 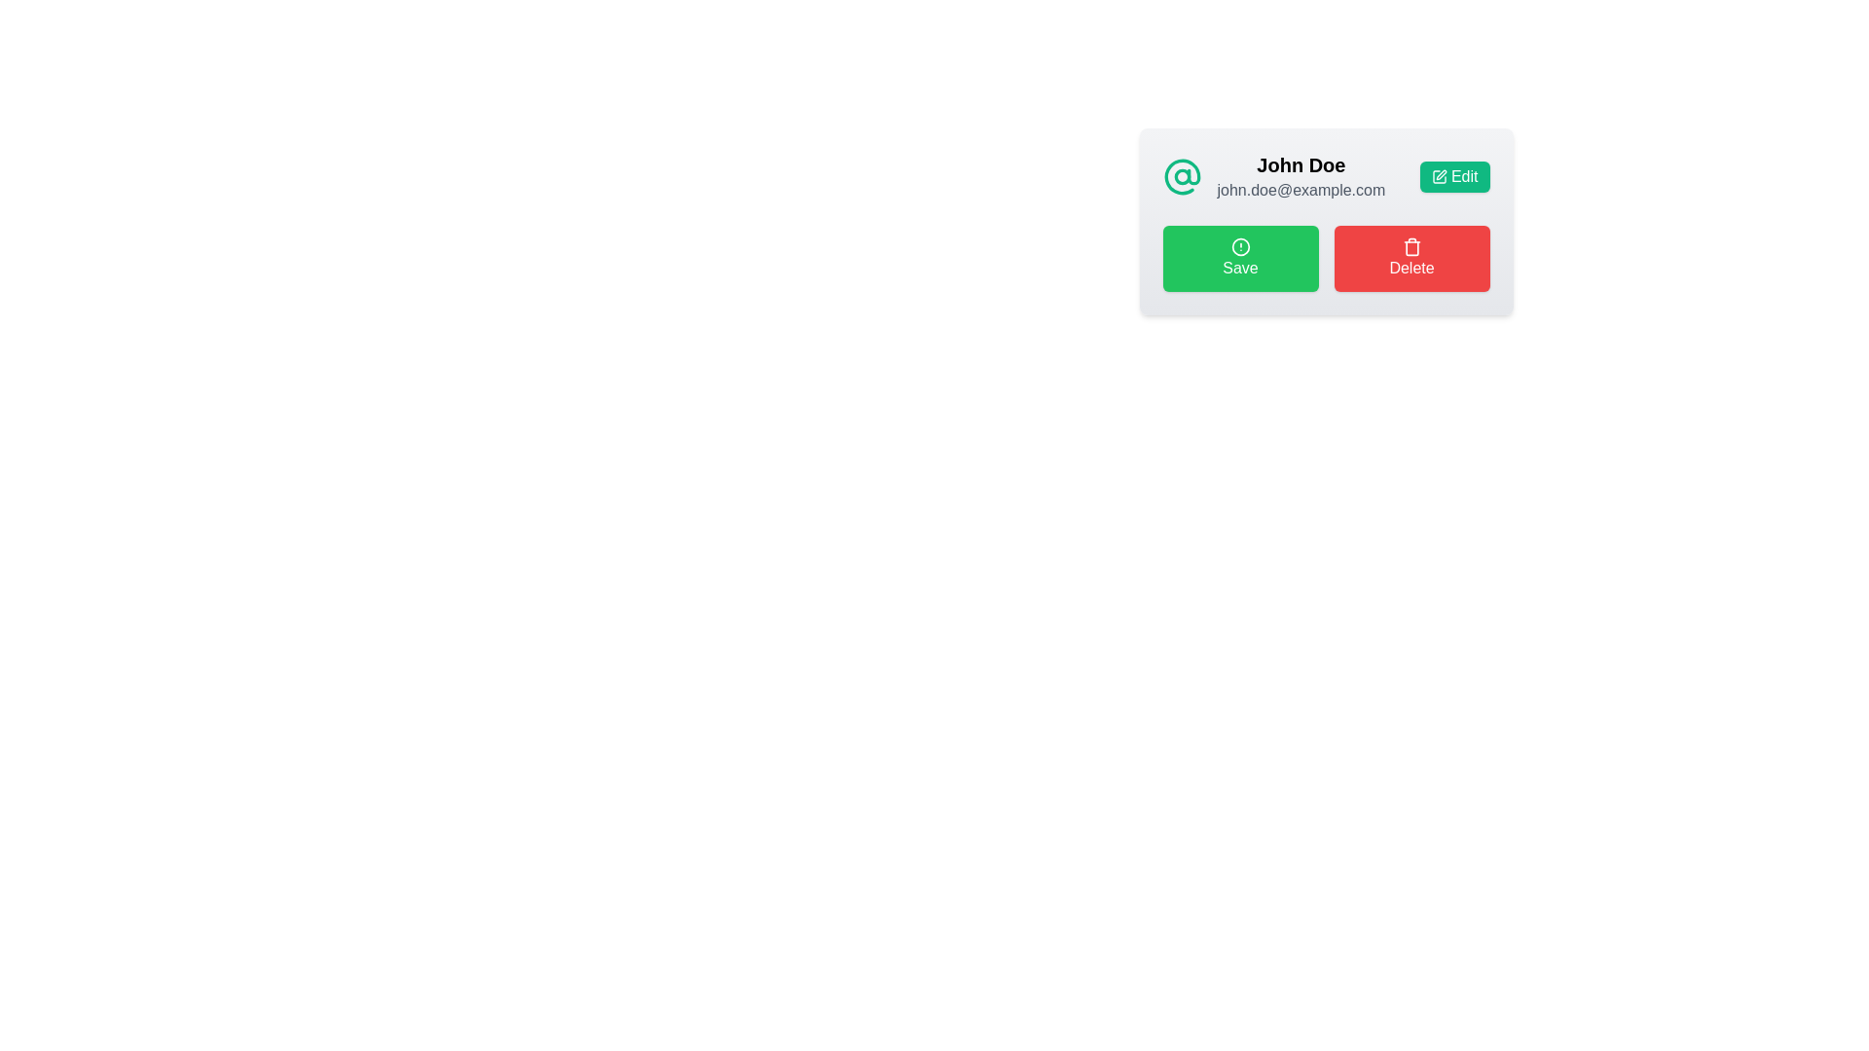 I want to click on the SVG Circle element, which is a circular component with a radius of 10 pixels, centered within the green 'Save' button, so click(x=1239, y=246).